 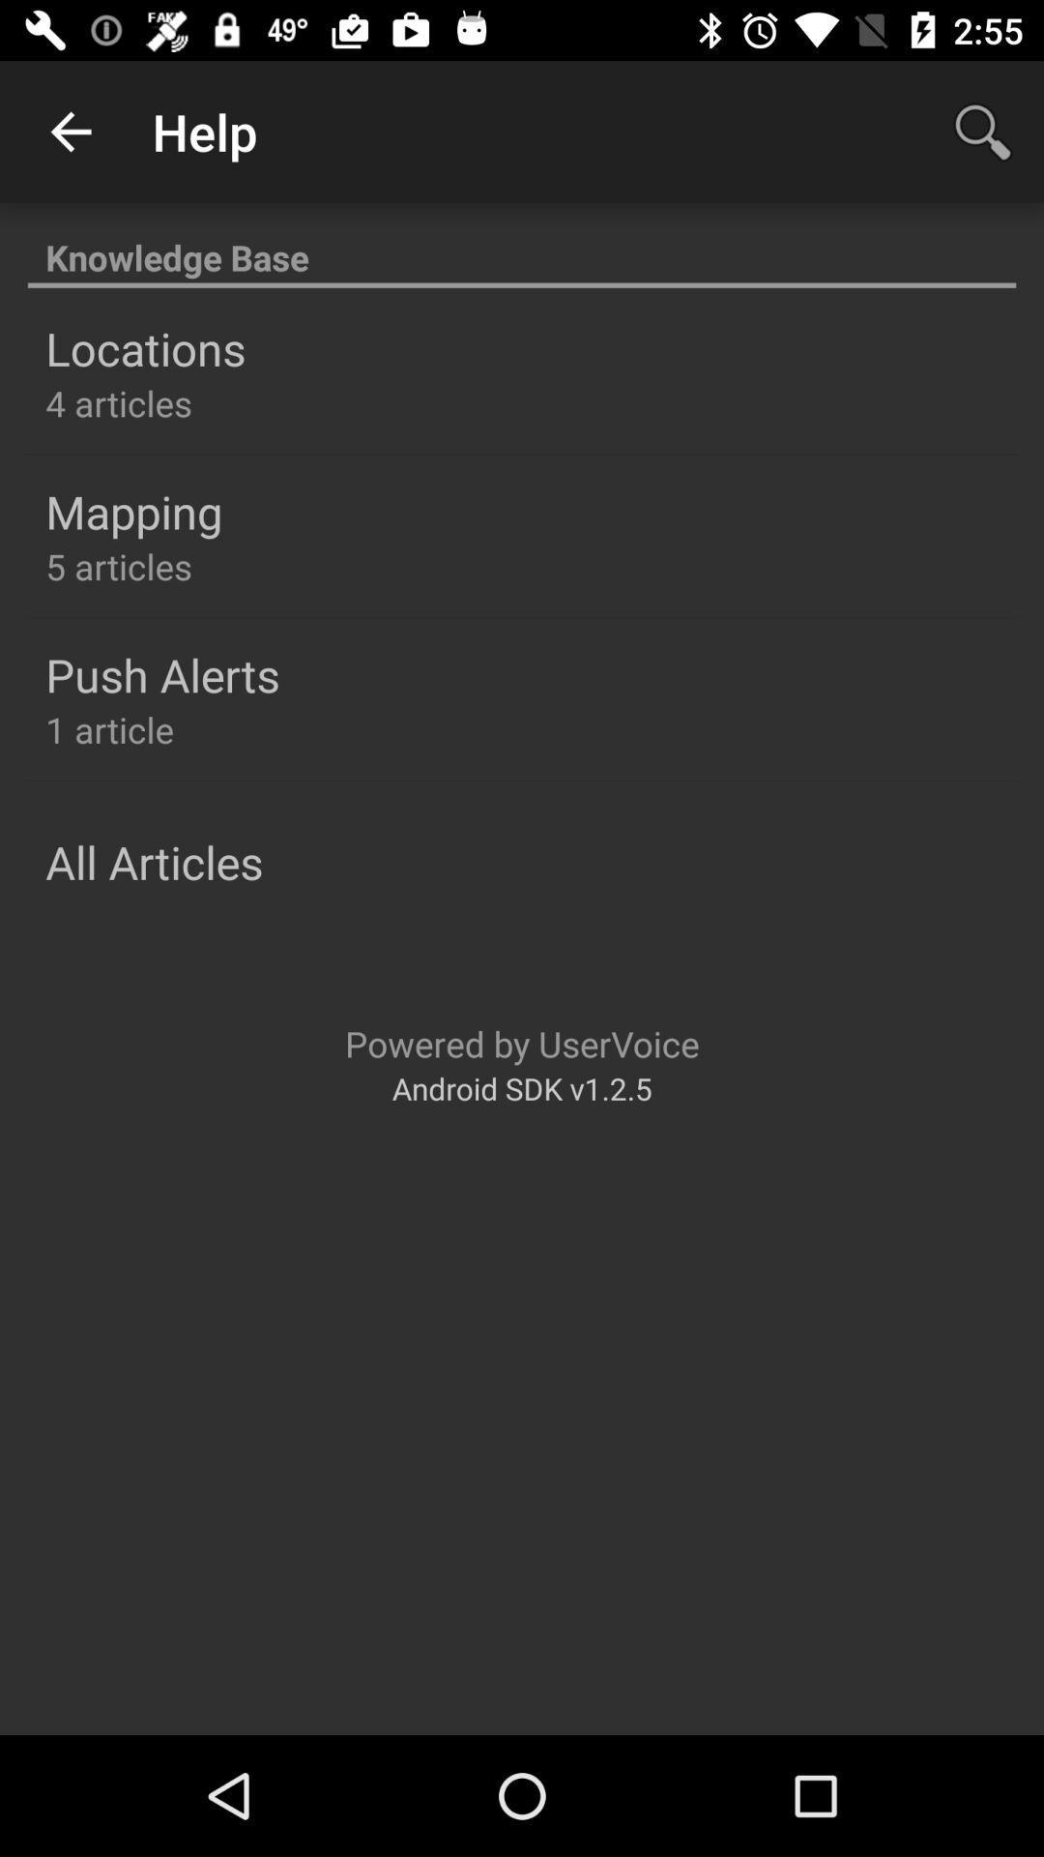 I want to click on the item next to help icon, so click(x=70, y=131).